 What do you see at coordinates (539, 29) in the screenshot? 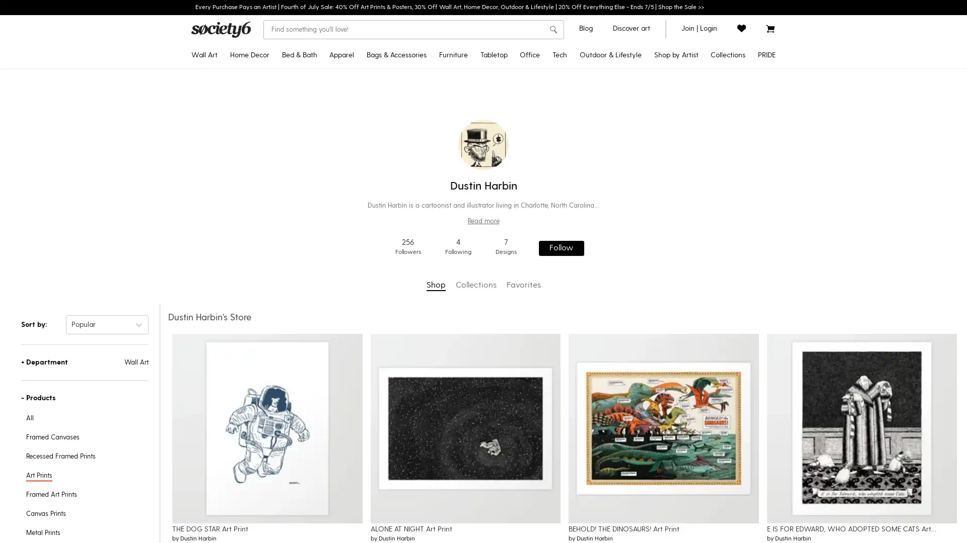
I see `Clear search` at bounding box center [539, 29].